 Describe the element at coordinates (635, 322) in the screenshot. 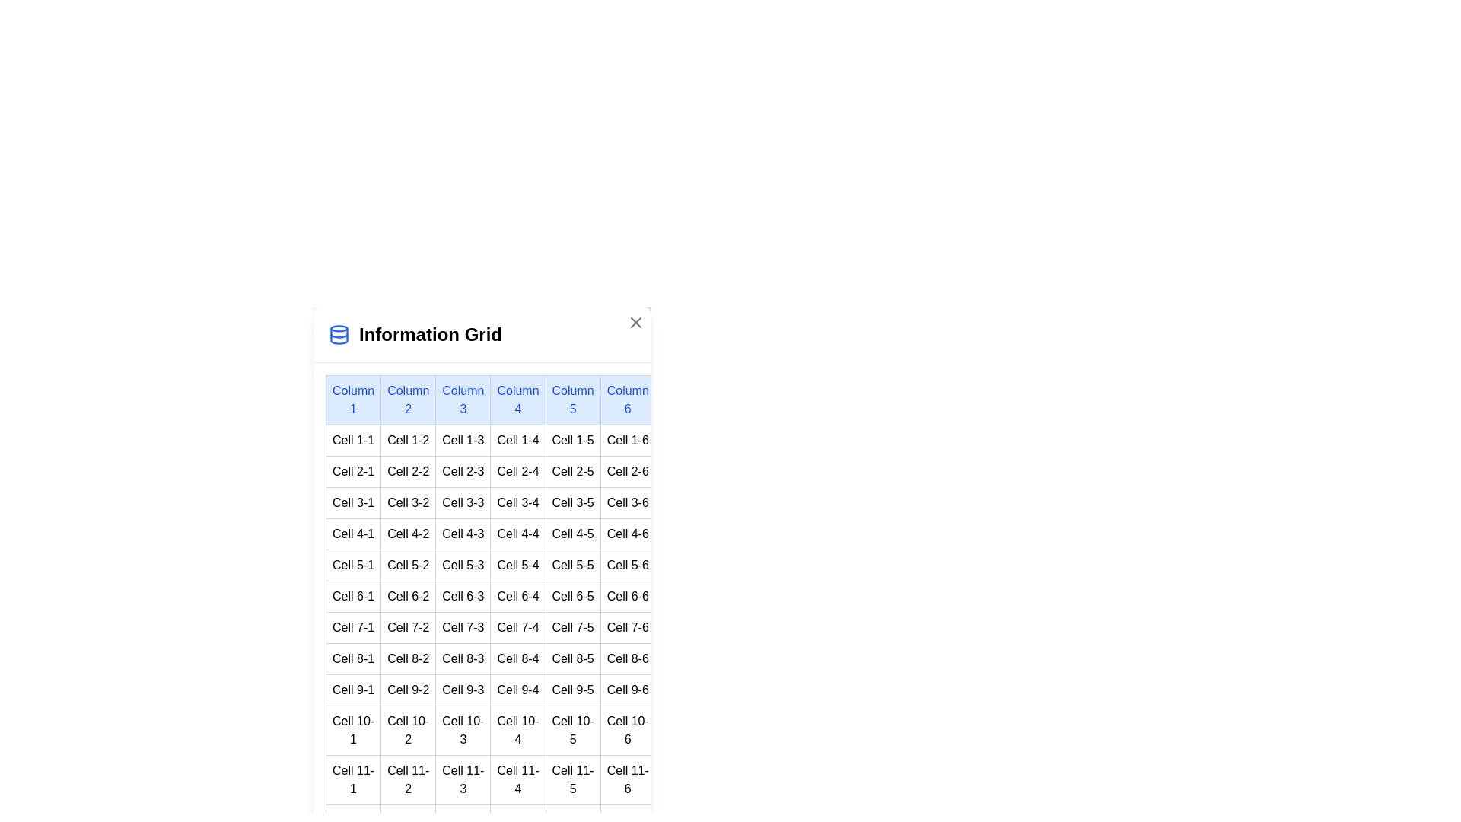

I see `the close button to dismiss the dialog` at that location.